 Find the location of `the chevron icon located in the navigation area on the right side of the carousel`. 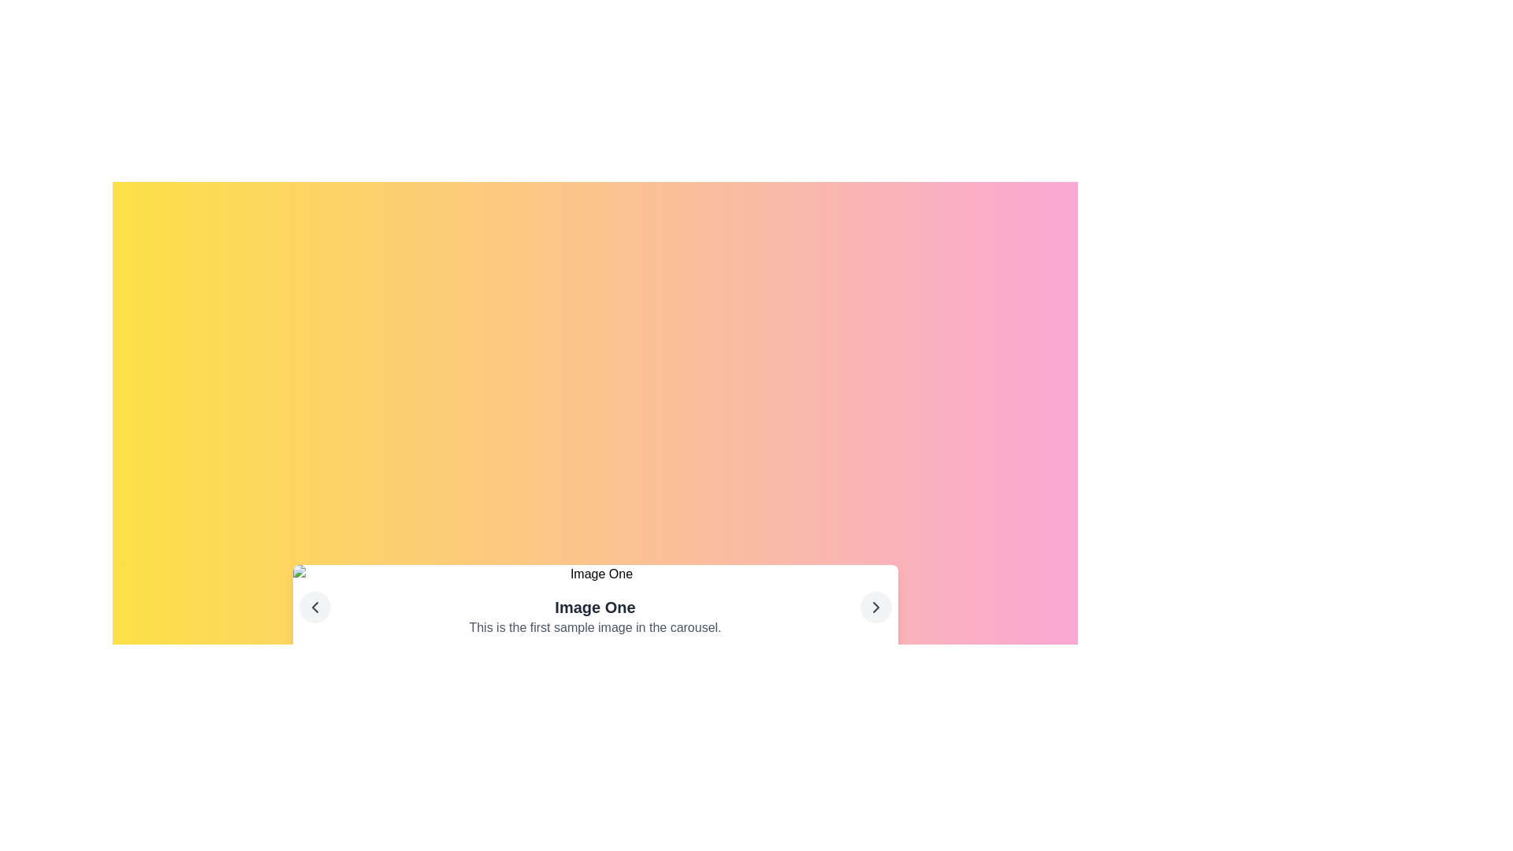

the chevron icon located in the navigation area on the right side of the carousel is located at coordinates (875, 607).